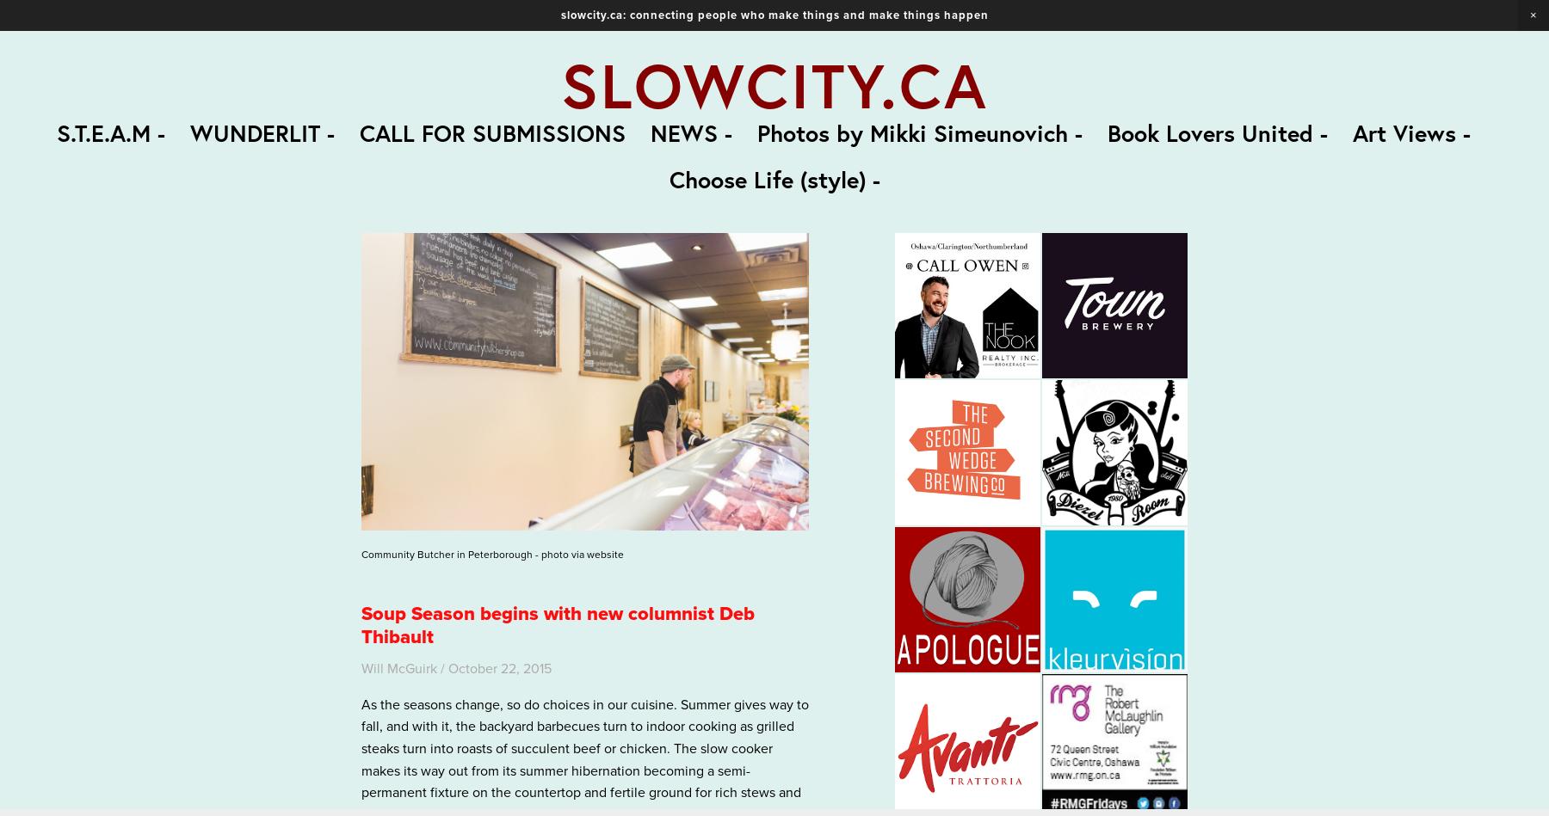 This screenshot has width=1549, height=816. I want to click on 'Soup Season begins with new columnist Deb Thibault', so click(558, 624).